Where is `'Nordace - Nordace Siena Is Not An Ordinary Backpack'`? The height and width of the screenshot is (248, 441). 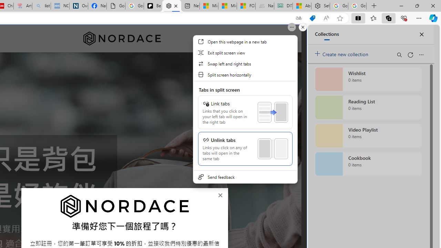 'Nordace - Nordace Siena Is Not An Ordinary Backpack' is located at coordinates (172, 6).